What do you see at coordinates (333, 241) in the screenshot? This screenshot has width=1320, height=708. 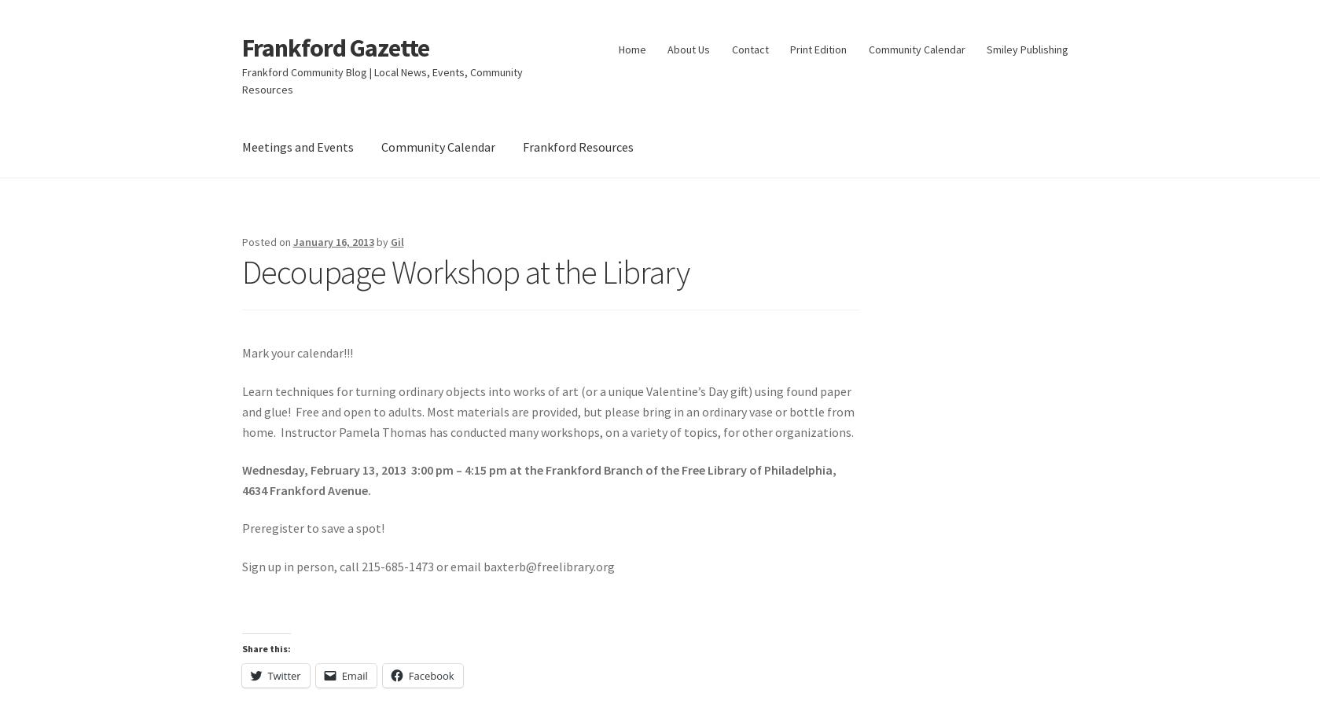 I see `'January 16, 2013'` at bounding box center [333, 241].